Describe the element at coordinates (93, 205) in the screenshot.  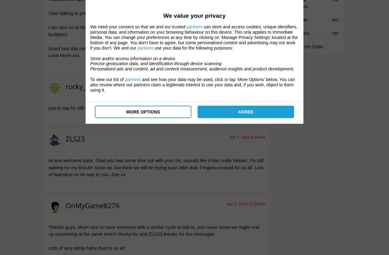
I see `'OnMyGame8276'` at that location.